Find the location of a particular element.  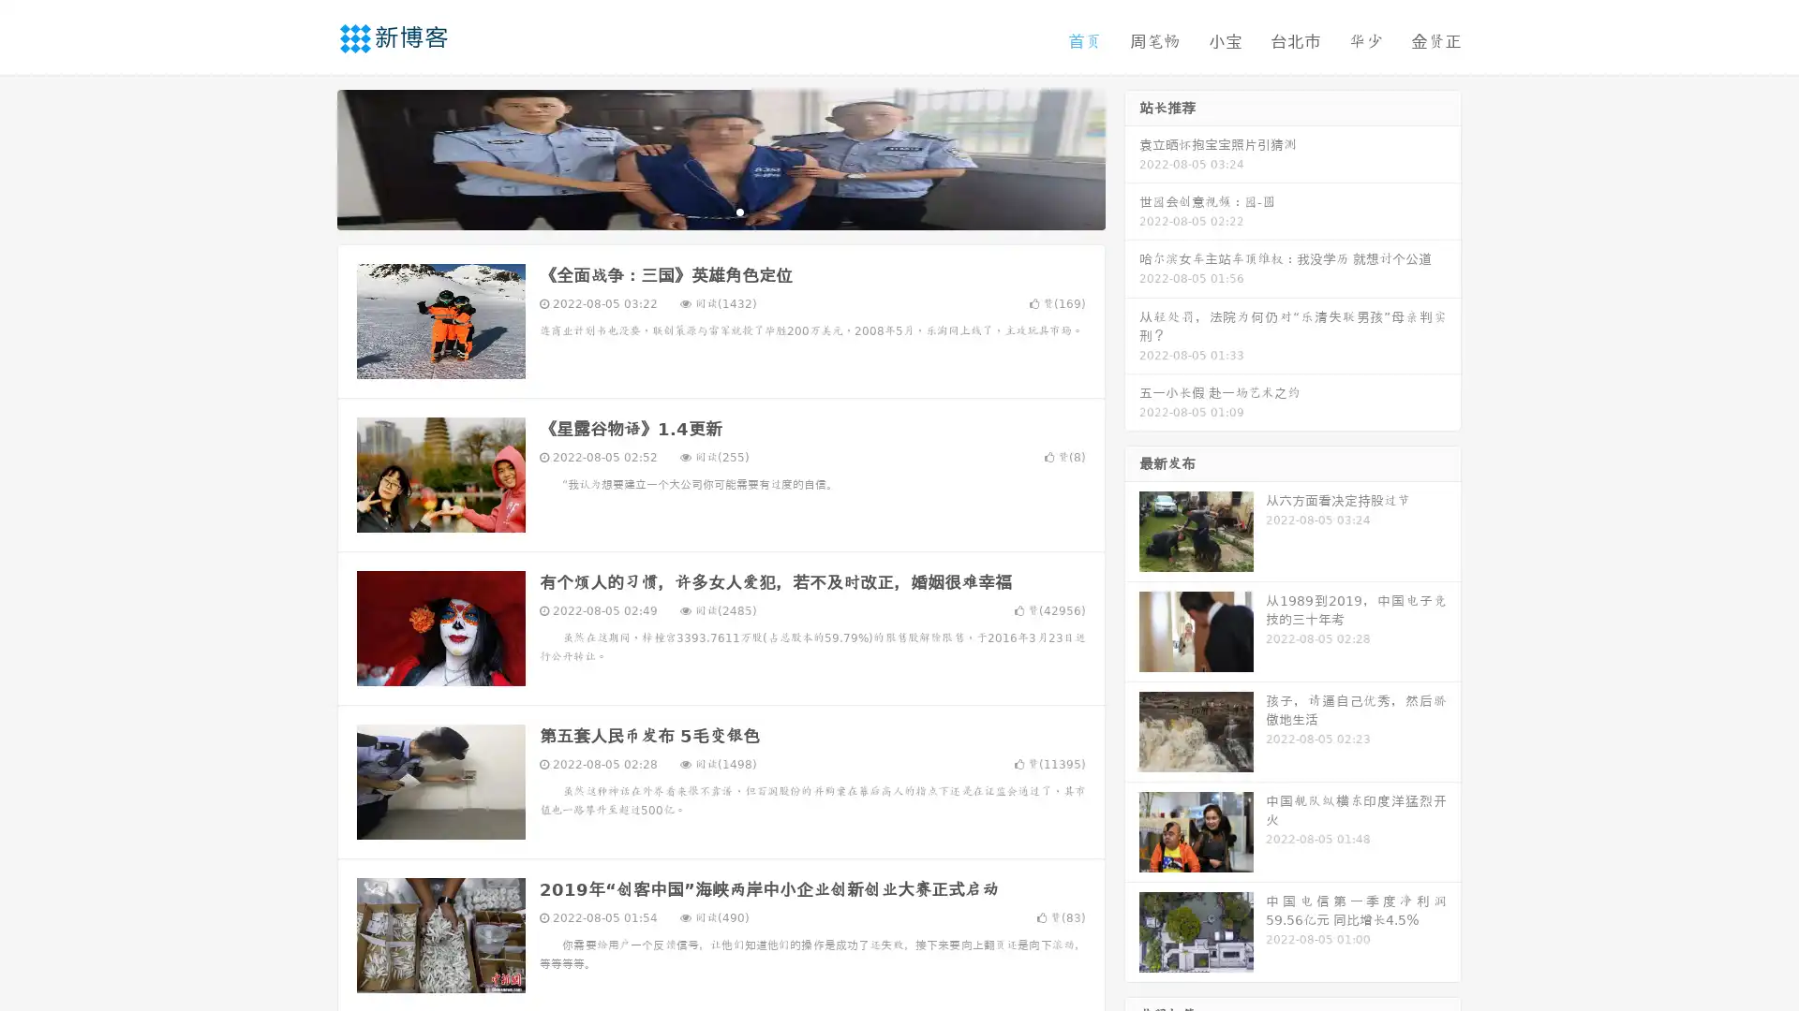

Go to slide 1 is located at coordinates (701, 211).